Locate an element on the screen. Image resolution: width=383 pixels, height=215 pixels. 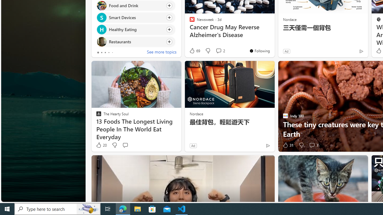
'See more topics' is located at coordinates (162, 52).